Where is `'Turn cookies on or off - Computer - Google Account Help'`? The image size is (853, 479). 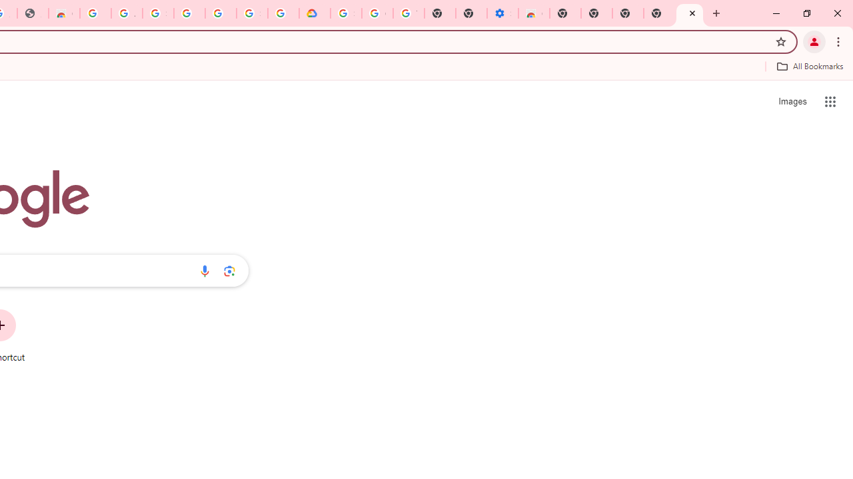
'Turn cookies on or off - Computer - Google Account Help' is located at coordinates (408, 13).